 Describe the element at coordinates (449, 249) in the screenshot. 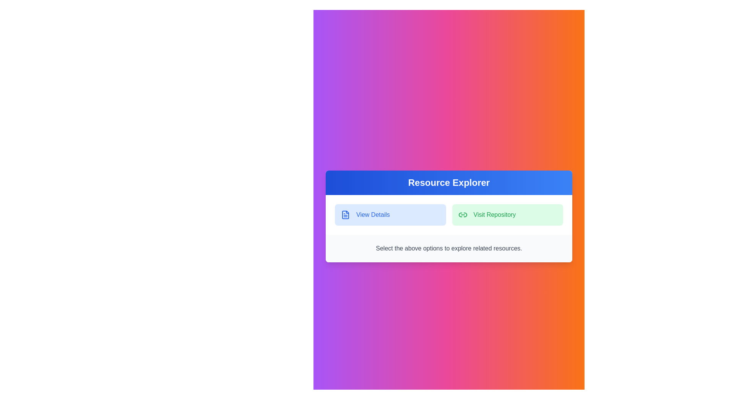

I see `informational Text label located at the bottom of the 'Resource Explorer' card, which provides guidance related to the actions above it` at that location.